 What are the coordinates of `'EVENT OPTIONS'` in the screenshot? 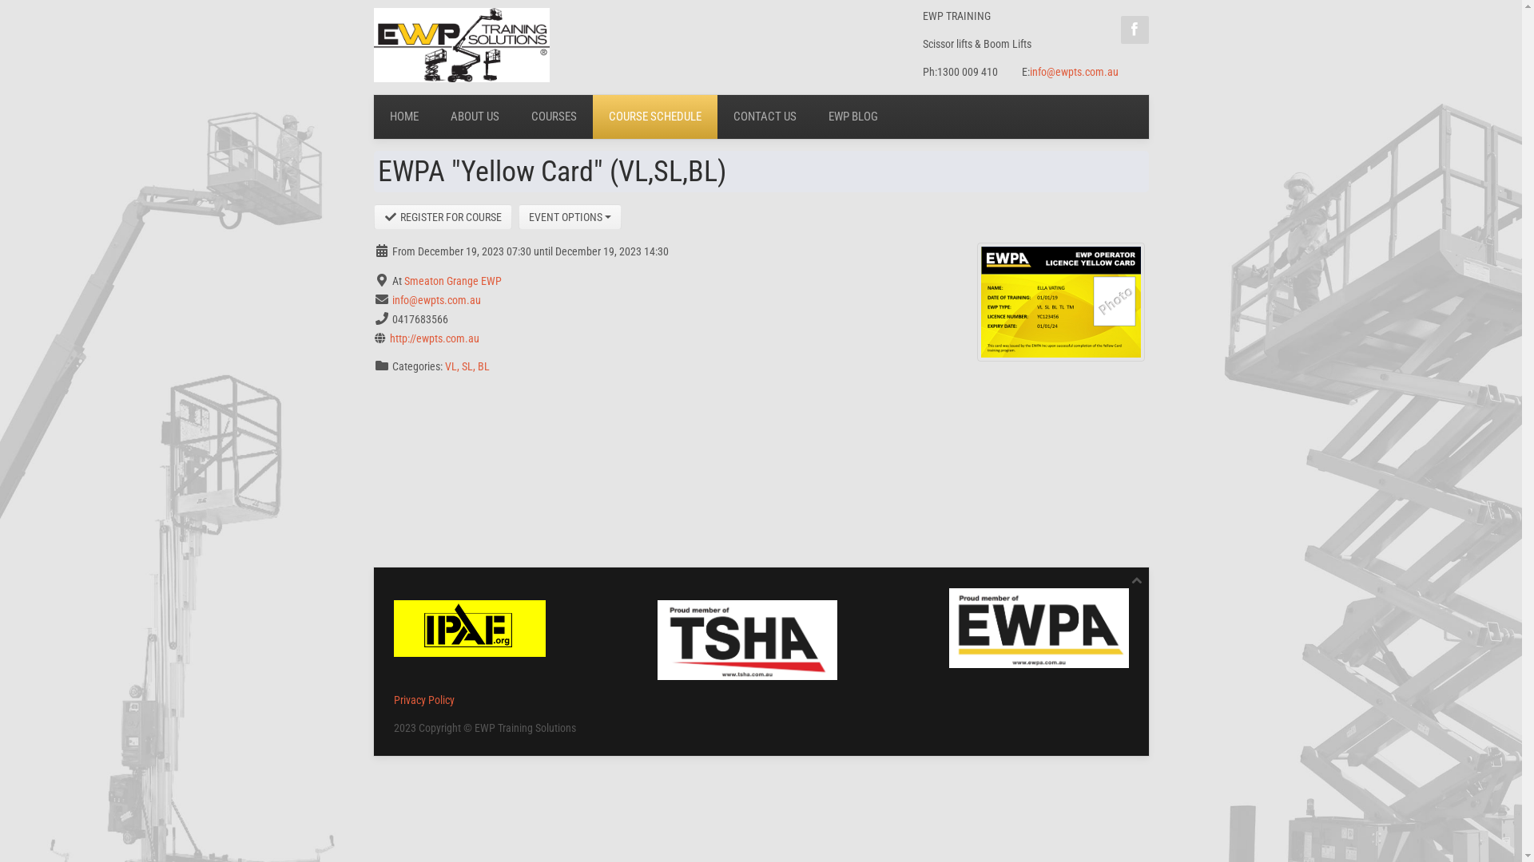 It's located at (518, 217).